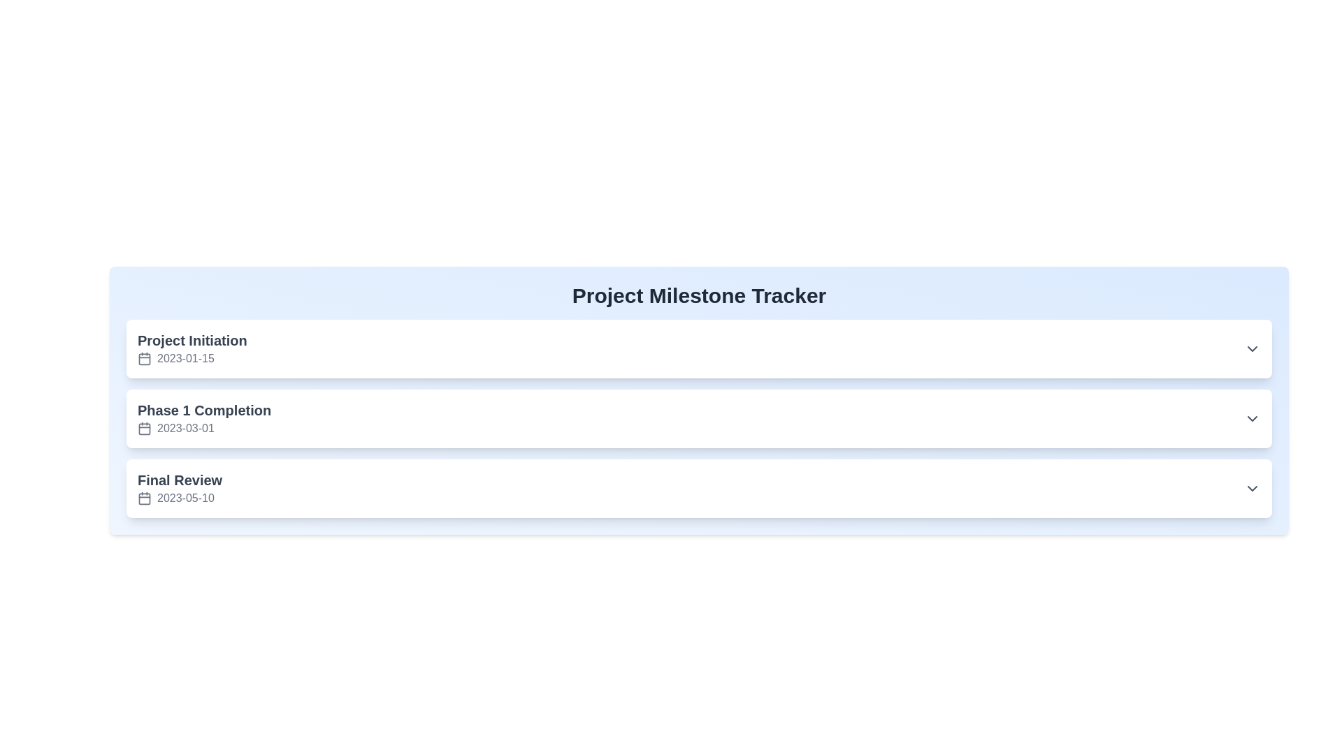 The height and width of the screenshot is (754, 1342). Describe the element at coordinates (179, 497) in the screenshot. I see `the text displaying the date '2023-05-10' which is gray-colored and has a calendar icon to the left, located below the 'Final Review' label` at that location.